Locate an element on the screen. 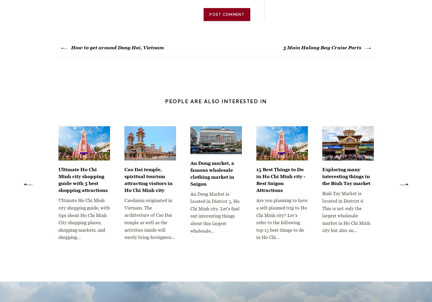 The image size is (432, 302). 'Are you planning to have a self-planned trip to Ho Chi Minh city? Let’s refer to the following top 15 best things to do in Ho Chi…' is located at coordinates (281, 219).